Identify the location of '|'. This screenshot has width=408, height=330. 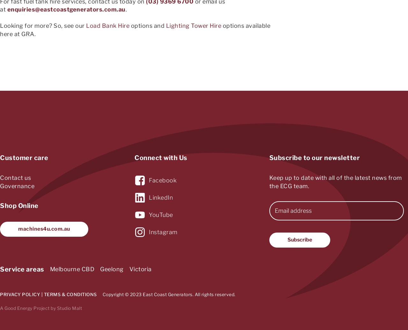
(41, 294).